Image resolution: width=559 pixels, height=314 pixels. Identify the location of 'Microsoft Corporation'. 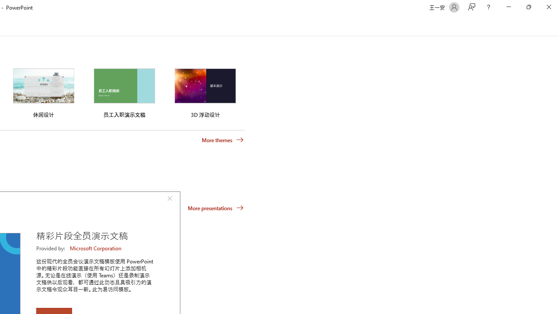
(96, 248).